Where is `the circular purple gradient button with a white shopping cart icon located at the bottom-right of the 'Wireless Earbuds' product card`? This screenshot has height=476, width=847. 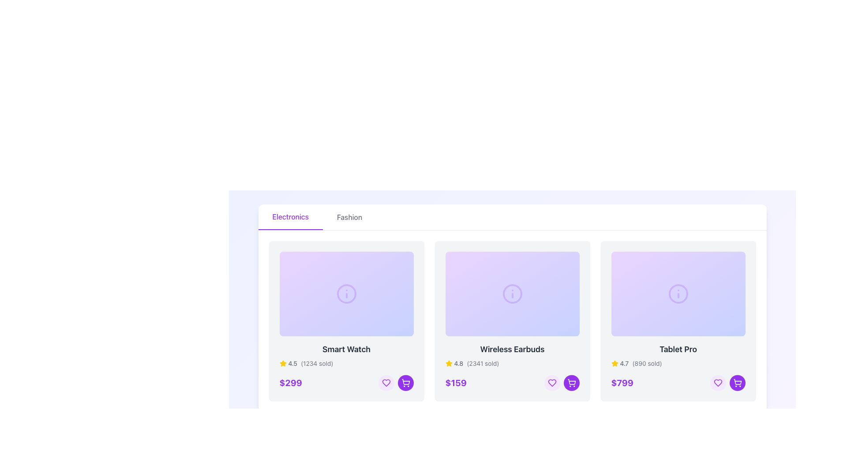 the circular purple gradient button with a white shopping cart icon located at the bottom-right of the 'Wireless Earbuds' product card is located at coordinates (405, 382).